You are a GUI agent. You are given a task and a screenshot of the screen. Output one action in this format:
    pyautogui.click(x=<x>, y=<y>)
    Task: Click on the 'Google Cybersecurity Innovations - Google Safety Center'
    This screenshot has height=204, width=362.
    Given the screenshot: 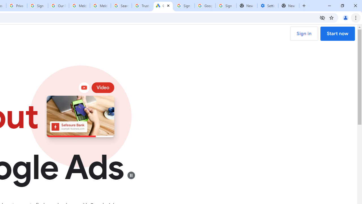 What is the action you would take?
    pyautogui.click(x=204, y=6)
    